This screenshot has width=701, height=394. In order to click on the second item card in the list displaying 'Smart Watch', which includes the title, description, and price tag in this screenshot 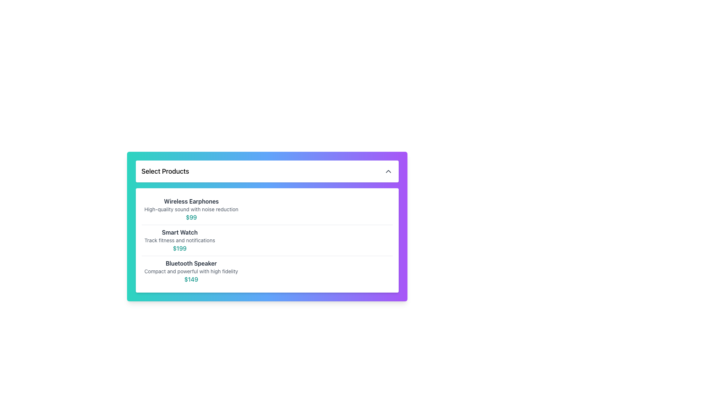, I will do `click(267, 240)`.